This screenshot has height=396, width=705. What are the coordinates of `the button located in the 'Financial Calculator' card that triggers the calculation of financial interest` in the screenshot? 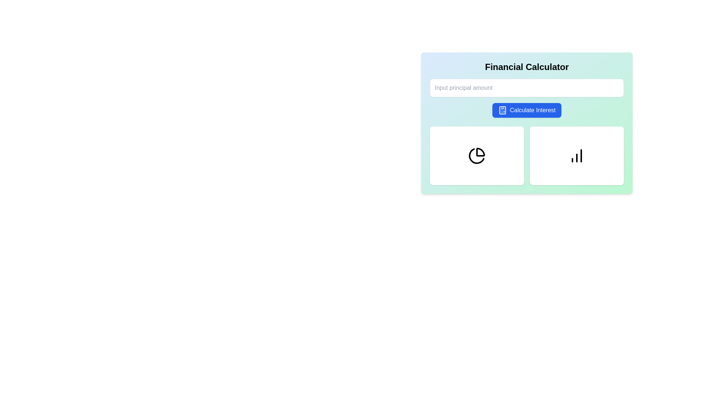 It's located at (527, 110).